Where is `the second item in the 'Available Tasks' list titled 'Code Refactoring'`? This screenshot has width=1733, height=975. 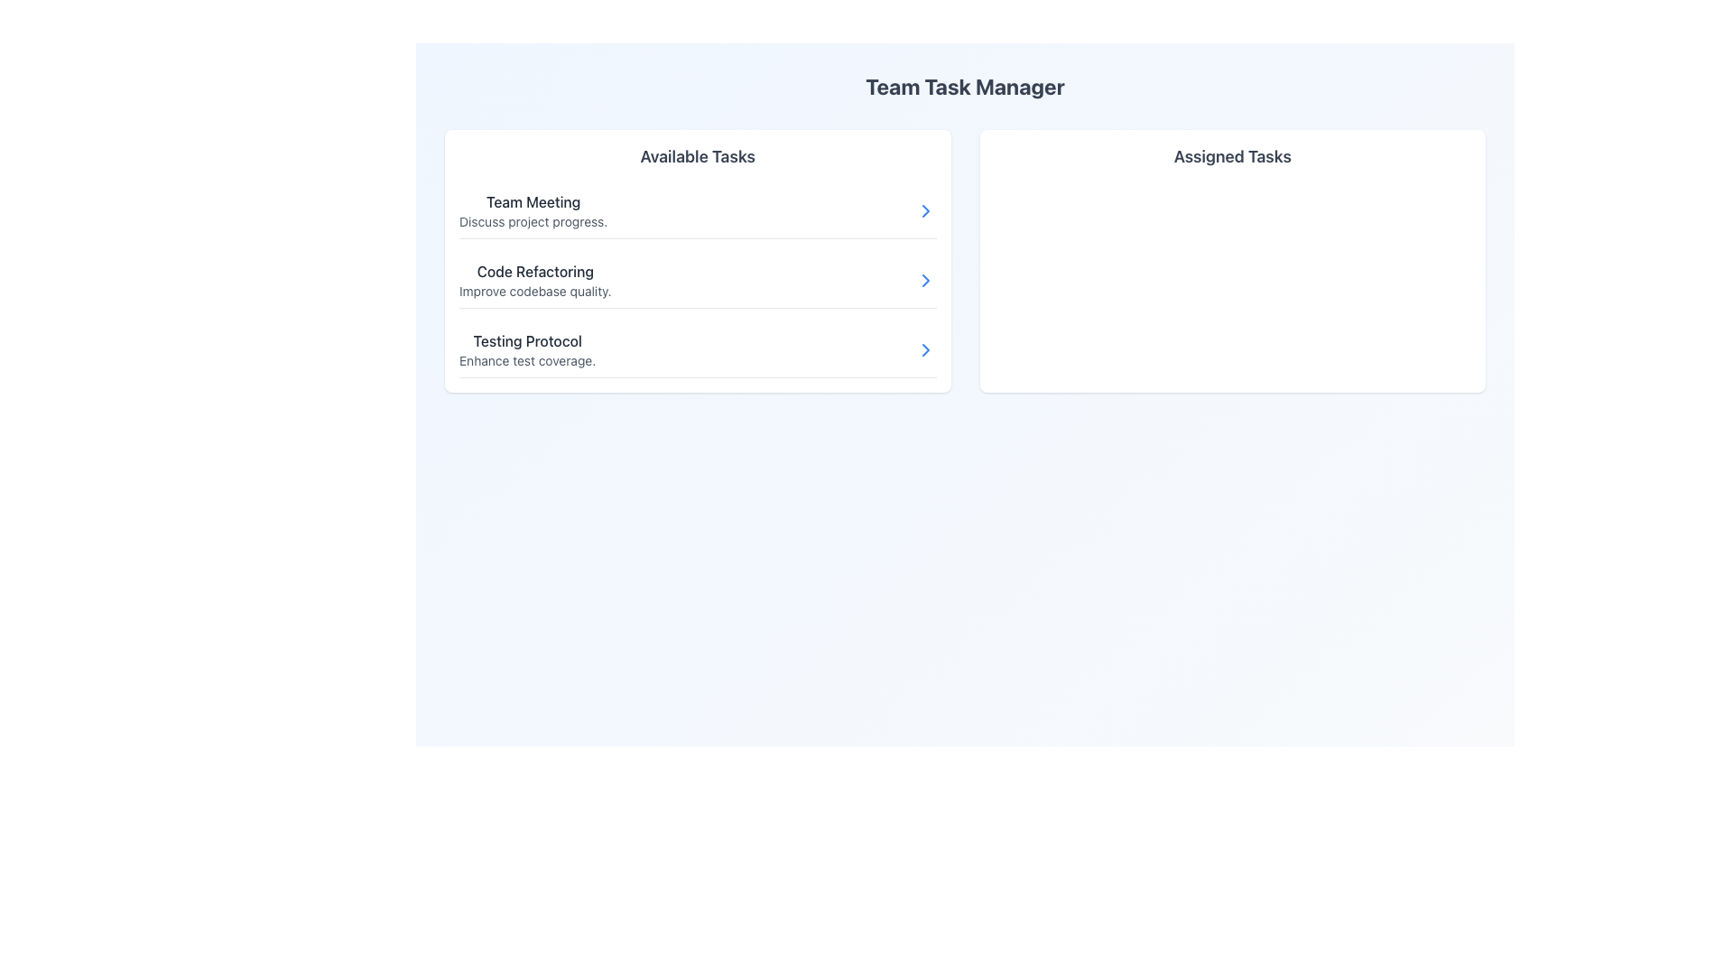 the second item in the 'Available Tasks' list titled 'Code Refactoring' is located at coordinates (697, 281).